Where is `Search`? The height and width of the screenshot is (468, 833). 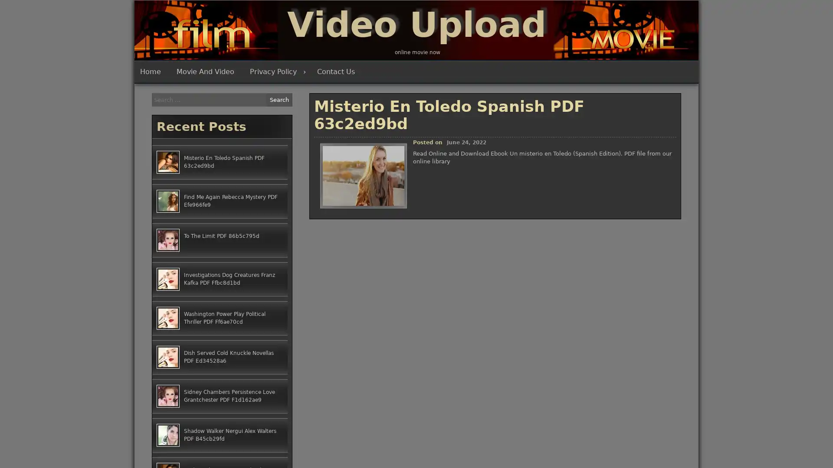
Search is located at coordinates (279, 99).